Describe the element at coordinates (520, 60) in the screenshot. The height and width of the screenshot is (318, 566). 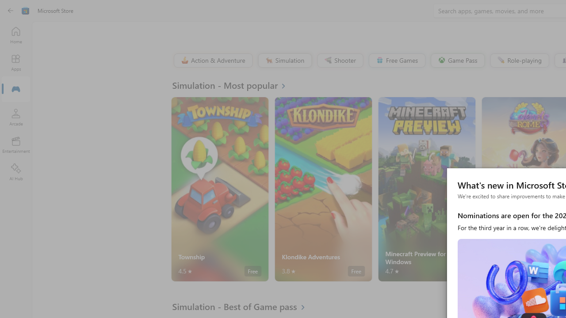
I see `'Role-playing'` at that location.